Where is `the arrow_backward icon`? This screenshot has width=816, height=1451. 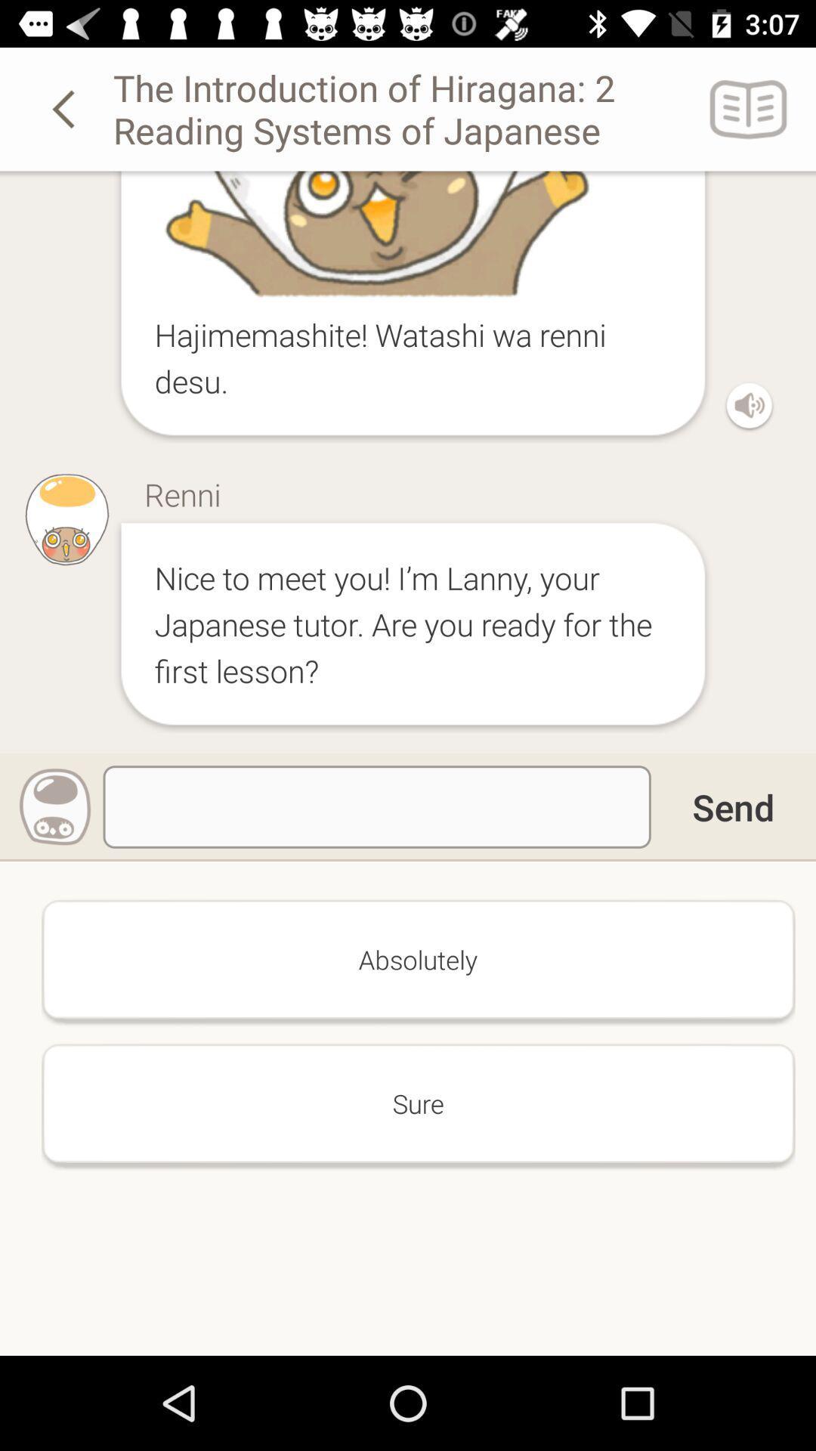 the arrow_backward icon is located at coordinates (66, 108).